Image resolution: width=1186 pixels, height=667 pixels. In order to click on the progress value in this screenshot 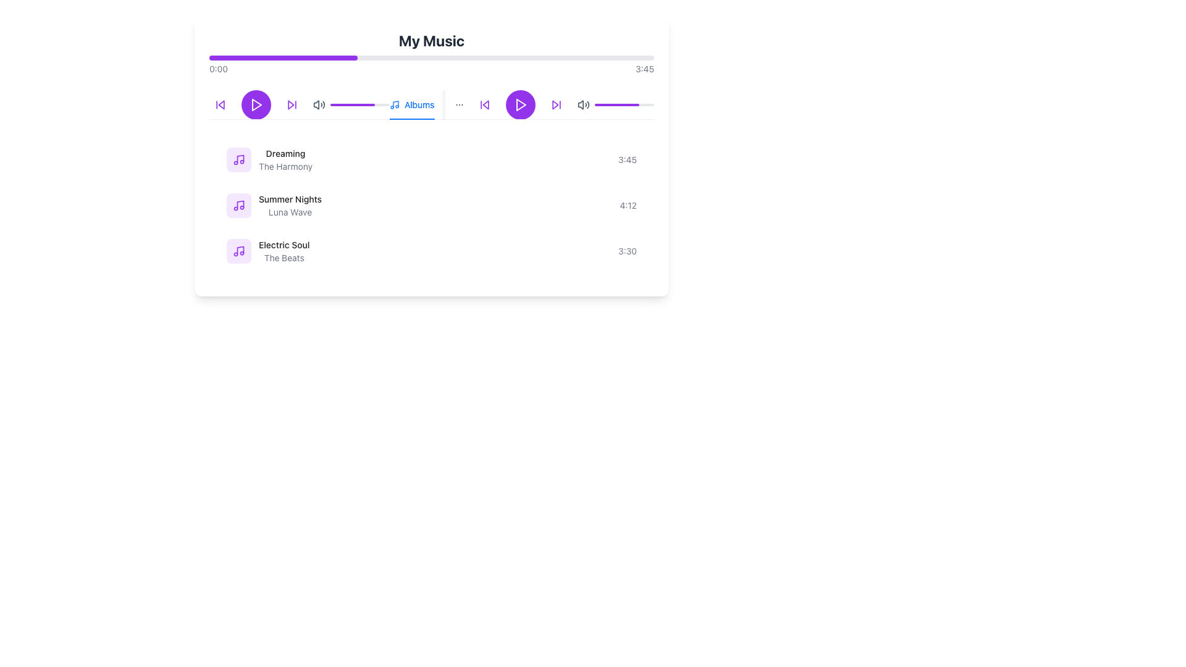, I will do `click(331, 104)`.